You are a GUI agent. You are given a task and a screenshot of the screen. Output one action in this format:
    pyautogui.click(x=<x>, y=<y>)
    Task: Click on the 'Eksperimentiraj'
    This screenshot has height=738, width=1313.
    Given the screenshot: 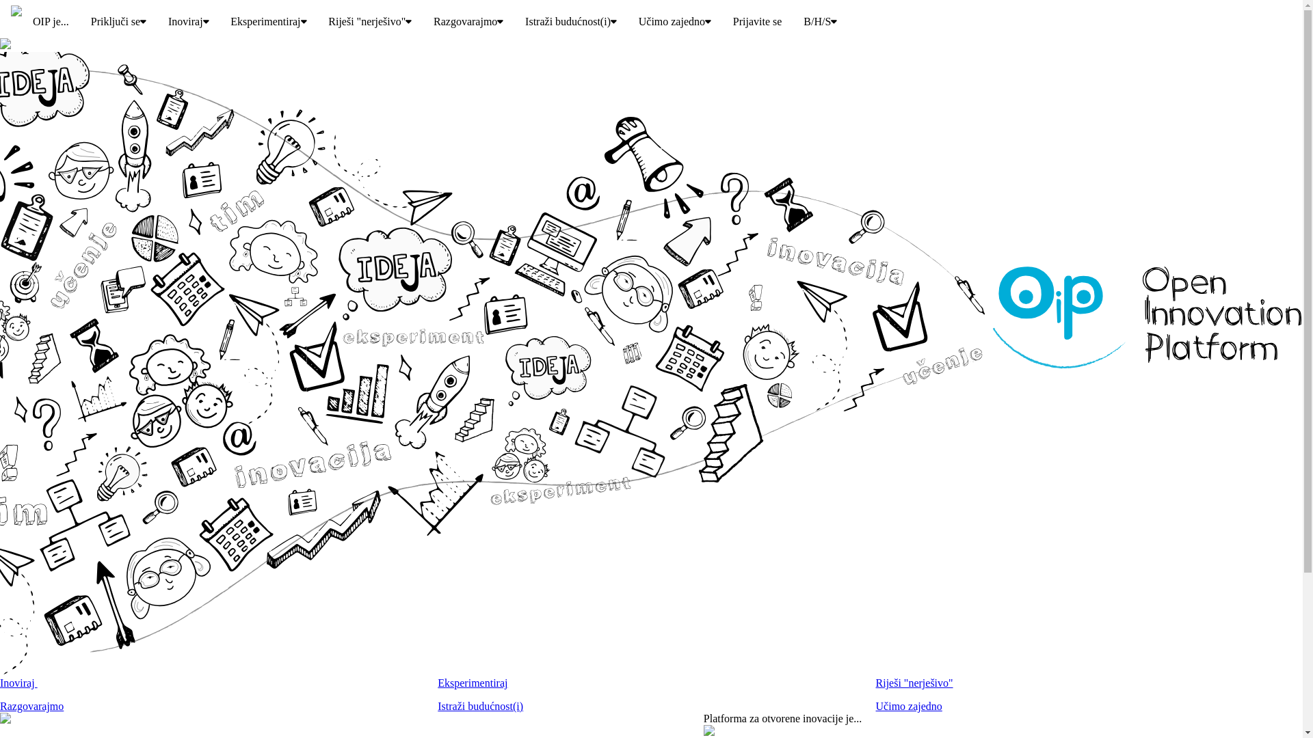 What is the action you would take?
    pyautogui.click(x=473, y=683)
    